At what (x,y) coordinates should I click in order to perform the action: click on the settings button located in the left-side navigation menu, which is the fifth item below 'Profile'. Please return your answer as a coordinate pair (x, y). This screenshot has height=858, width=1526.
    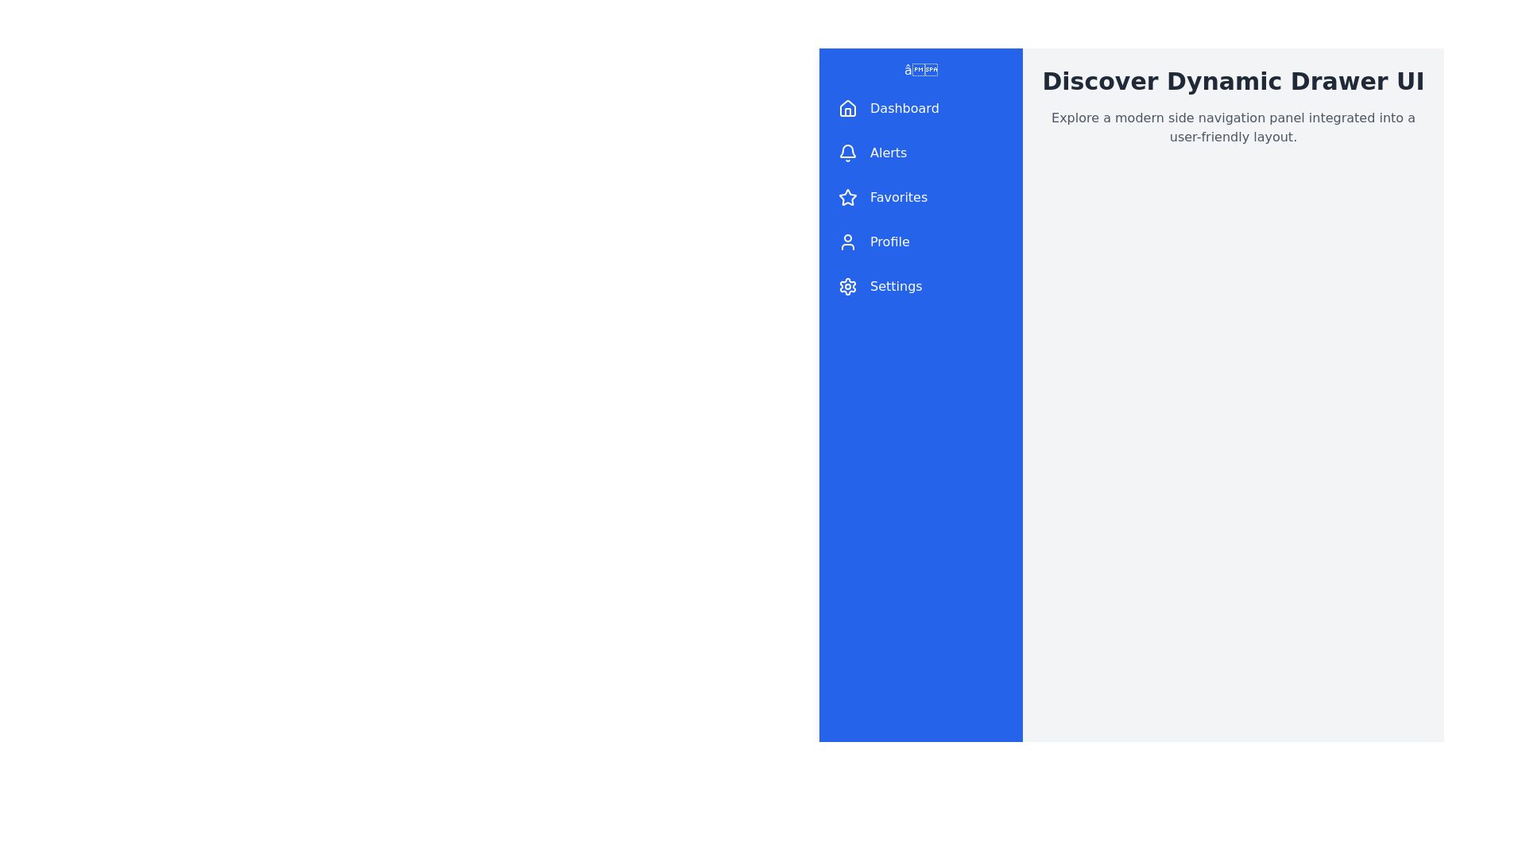
    Looking at the image, I should click on (920, 287).